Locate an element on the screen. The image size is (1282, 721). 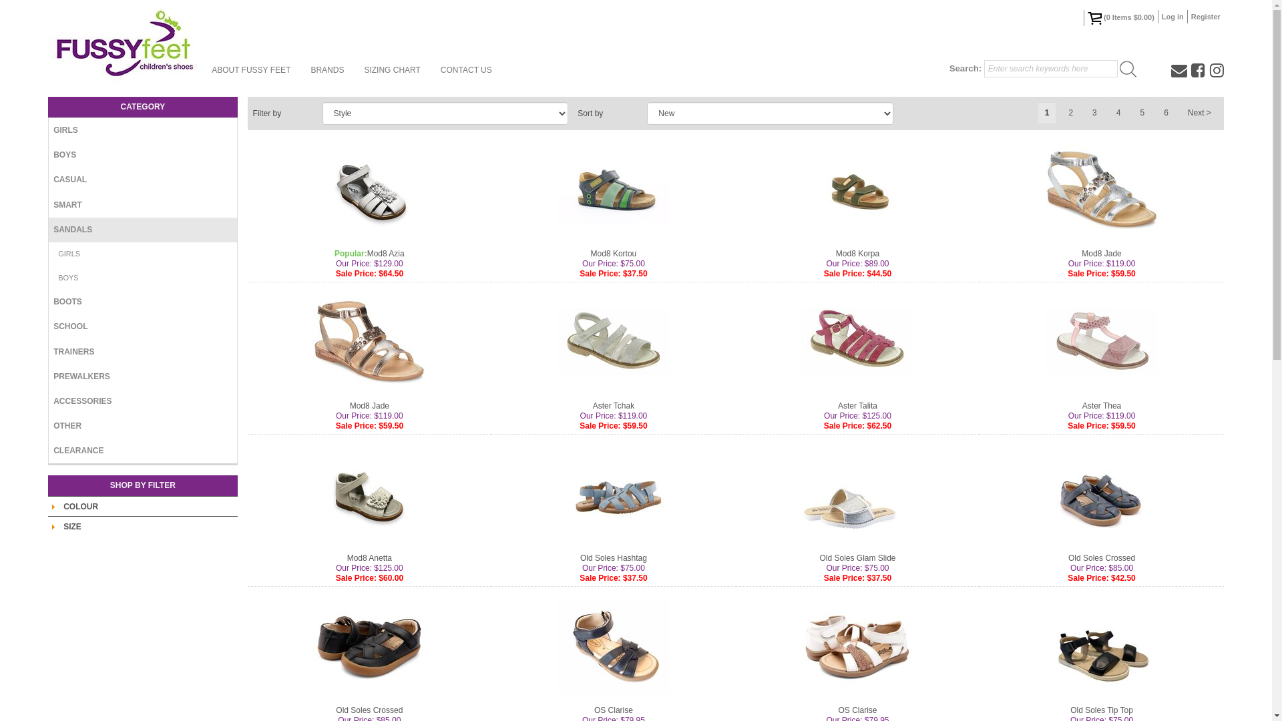
'Old Soles Glam Slide-sandals-Fussy Feet - Childrens Shoes' is located at coordinates (857, 494).